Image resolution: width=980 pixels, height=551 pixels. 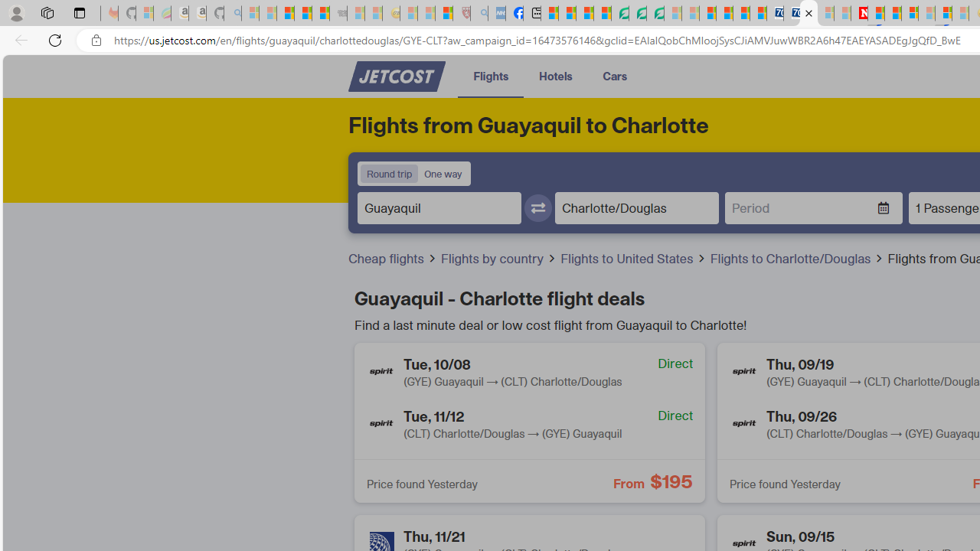 I want to click on 'Class: no-underline cursor-pointer', so click(x=397, y=77).